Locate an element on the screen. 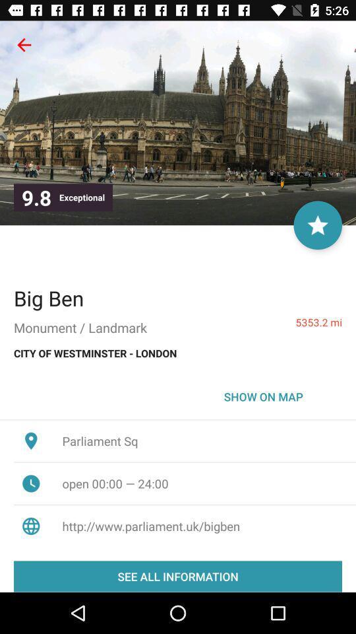 Image resolution: width=356 pixels, height=634 pixels. the item above the monument / landmark is located at coordinates (48, 298).